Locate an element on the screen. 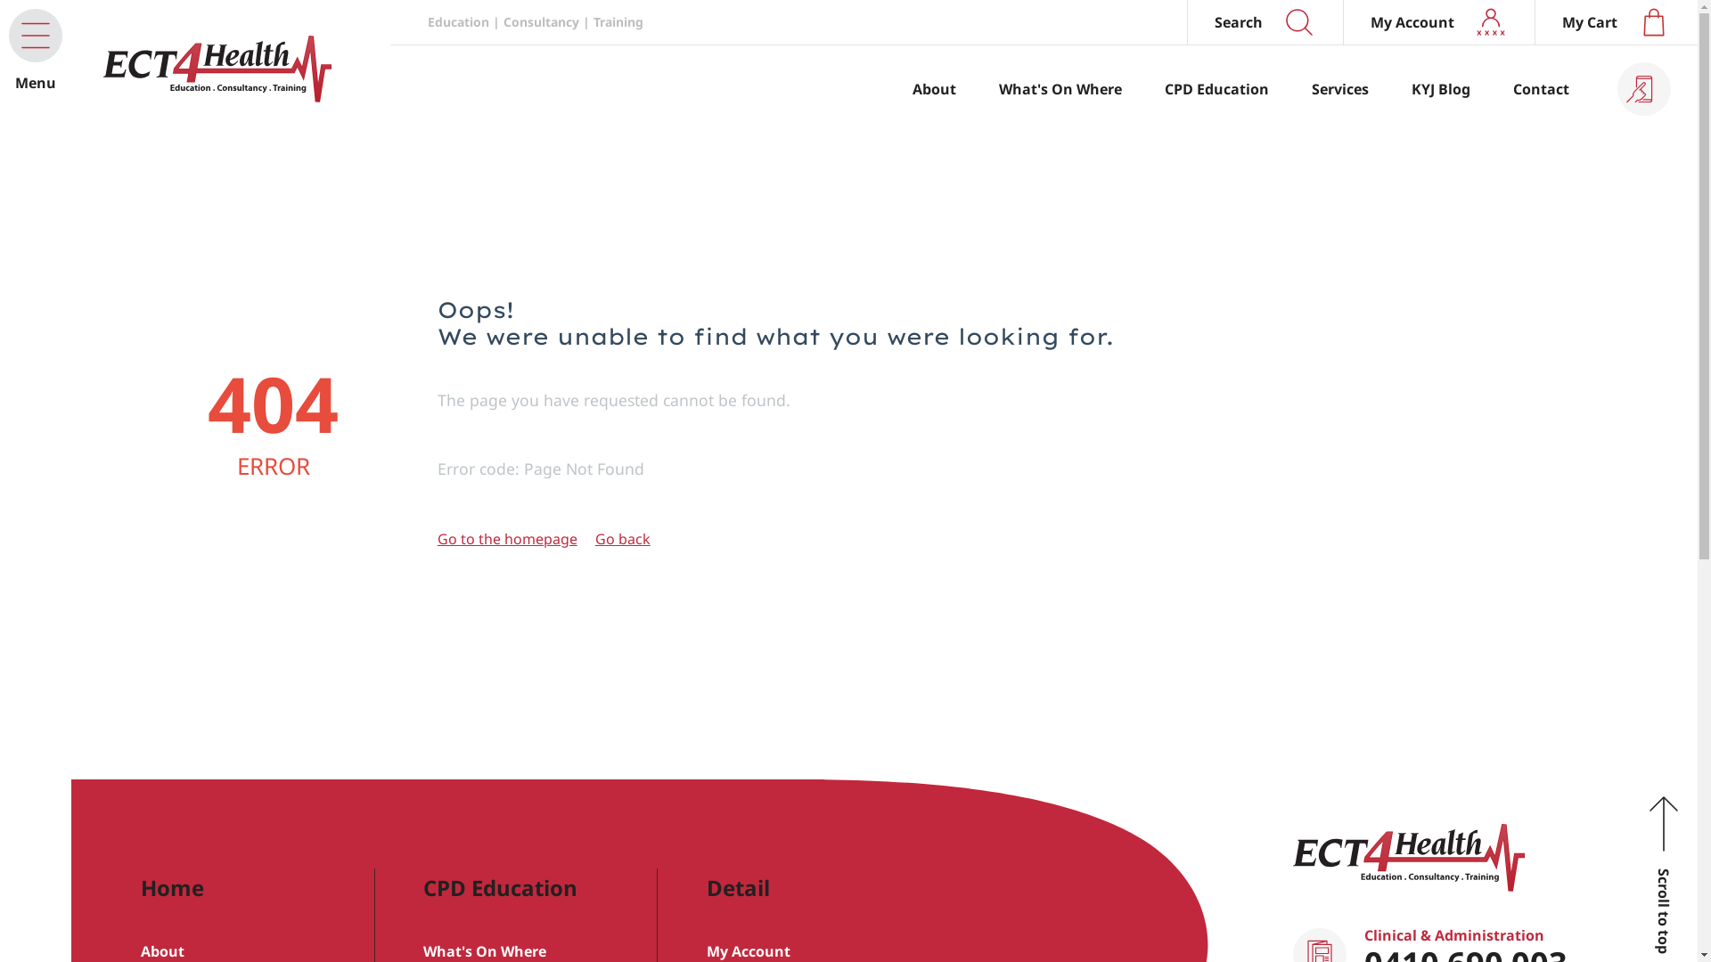 Image resolution: width=1711 pixels, height=962 pixels. 'About' is located at coordinates (933, 89).